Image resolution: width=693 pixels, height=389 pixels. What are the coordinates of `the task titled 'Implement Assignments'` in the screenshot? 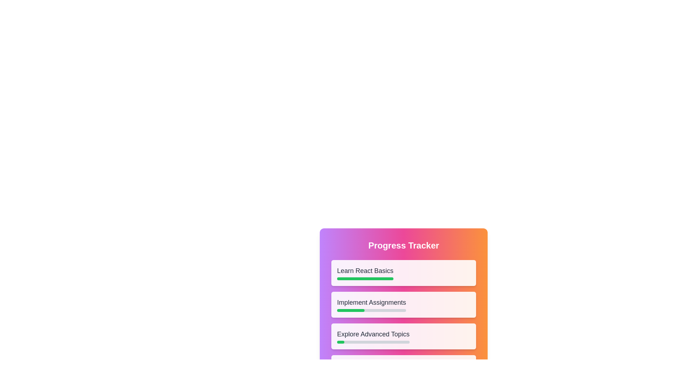 It's located at (371, 304).